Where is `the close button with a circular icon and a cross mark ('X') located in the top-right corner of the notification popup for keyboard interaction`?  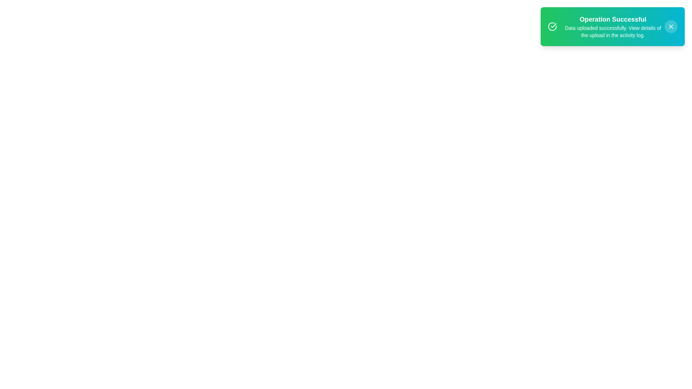
the close button with a circular icon and a cross mark ('X') located in the top-right corner of the notification popup for keyboard interaction is located at coordinates (671, 26).